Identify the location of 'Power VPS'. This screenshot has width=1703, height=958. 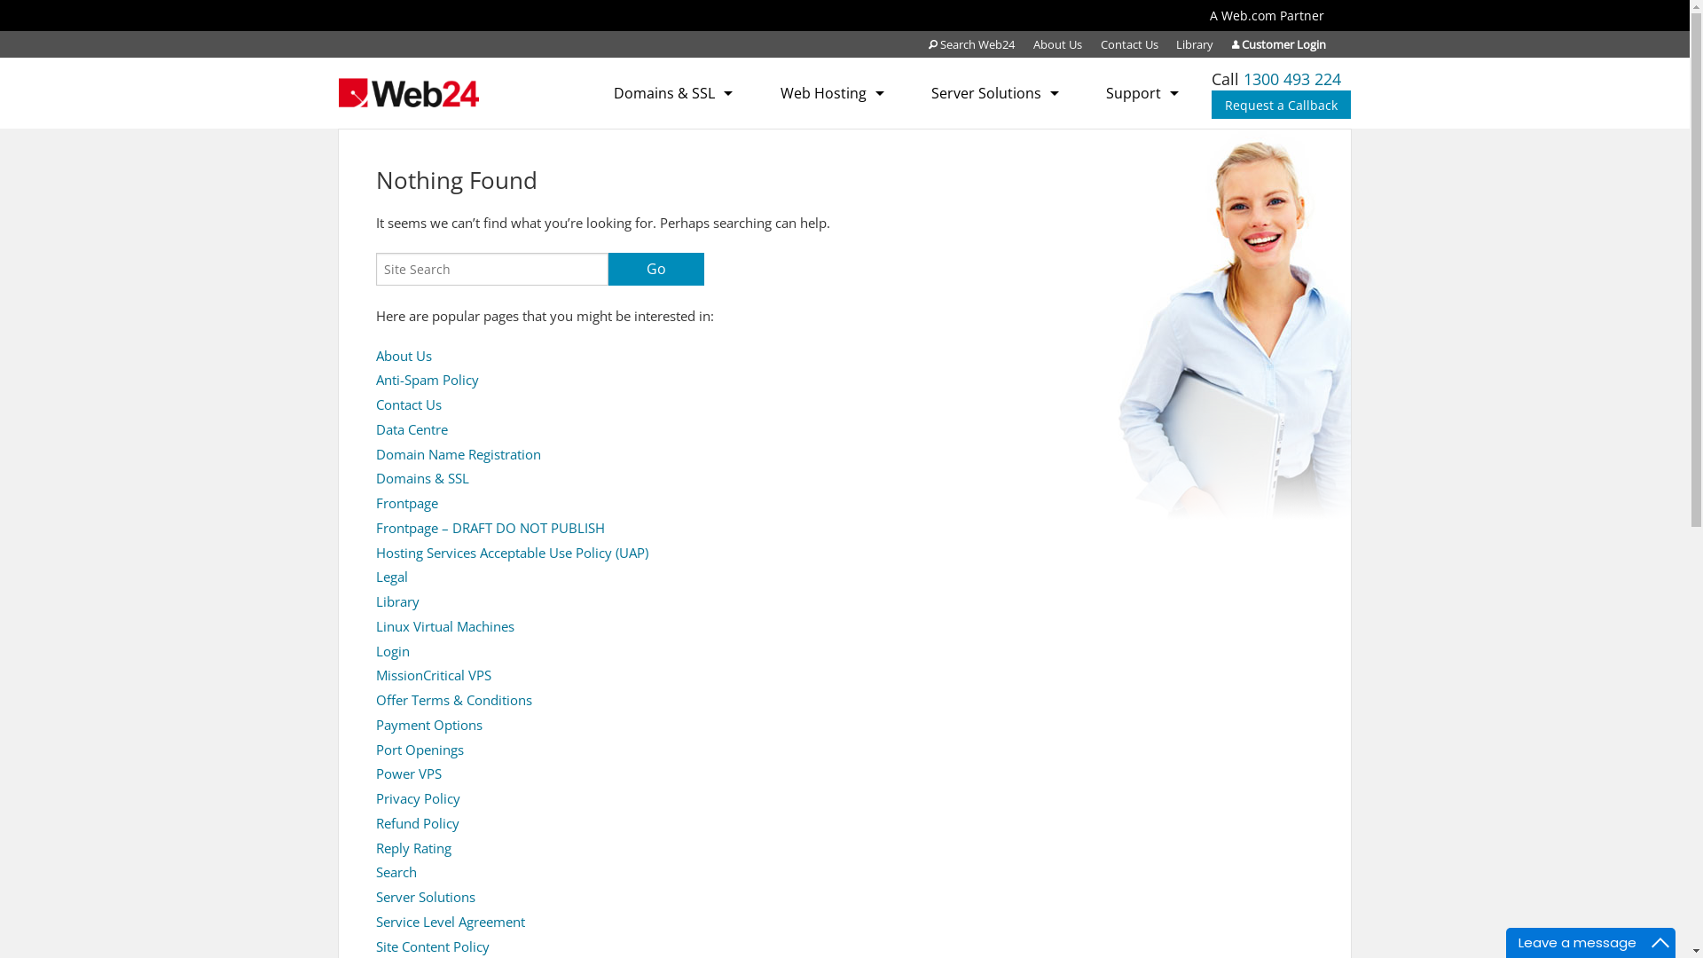
(374, 773).